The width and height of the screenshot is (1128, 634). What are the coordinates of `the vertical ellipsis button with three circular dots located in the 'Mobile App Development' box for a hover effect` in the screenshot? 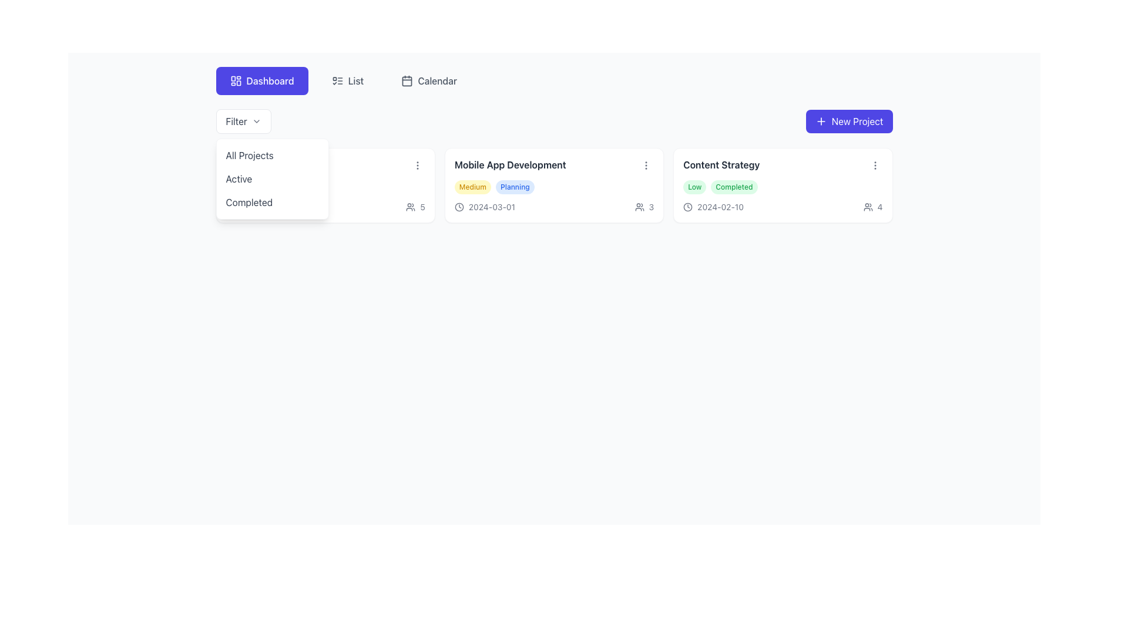 It's located at (646, 165).